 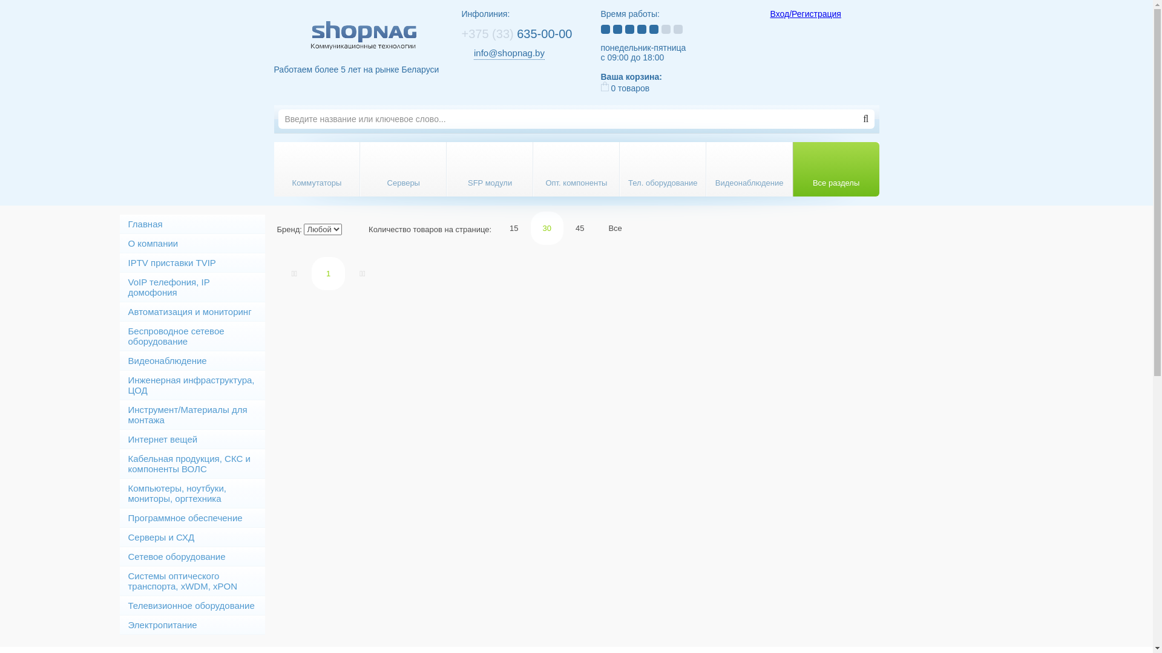 I want to click on 'info@shopnag.by', so click(x=509, y=53).